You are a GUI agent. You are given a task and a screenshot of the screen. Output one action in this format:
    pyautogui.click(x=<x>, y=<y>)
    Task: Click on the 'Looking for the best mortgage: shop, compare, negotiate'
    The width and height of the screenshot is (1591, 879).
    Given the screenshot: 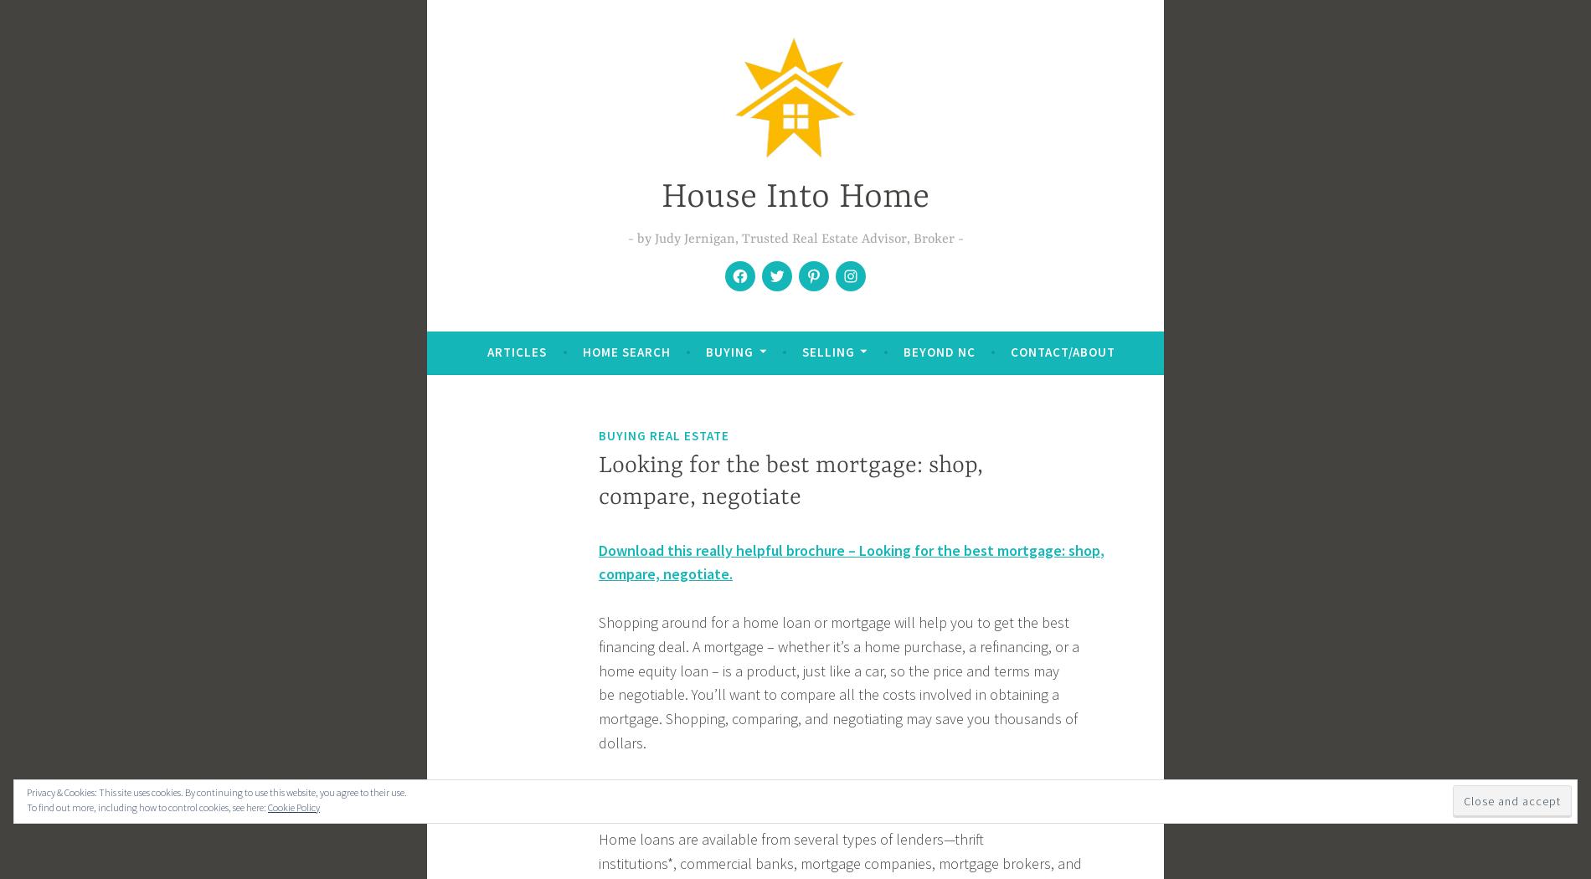 What is the action you would take?
    pyautogui.click(x=790, y=481)
    